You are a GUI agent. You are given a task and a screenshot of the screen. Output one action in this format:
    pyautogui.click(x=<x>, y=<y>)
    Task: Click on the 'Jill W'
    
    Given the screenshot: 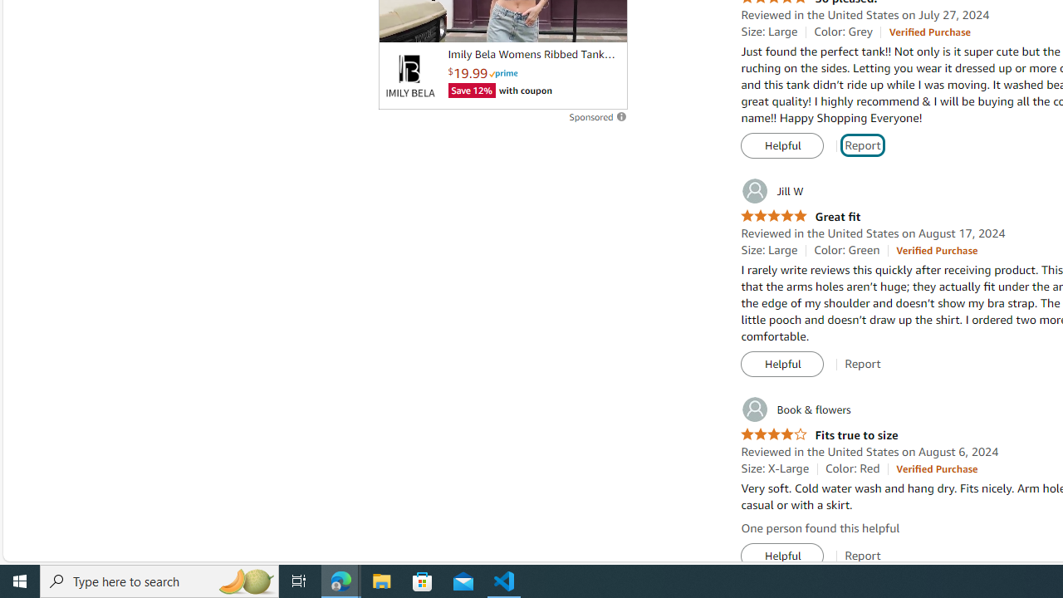 What is the action you would take?
    pyautogui.click(x=771, y=190)
    